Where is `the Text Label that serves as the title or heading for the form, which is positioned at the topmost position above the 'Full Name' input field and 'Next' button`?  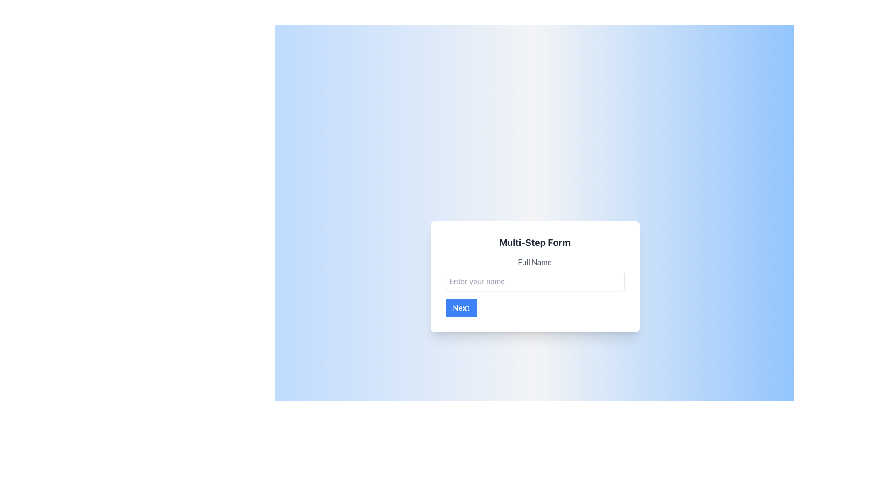
the Text Label that serves as the title or heading for the form, which is positioned at the topmost position above the 'Full Name' input field and 'Next' button is located at coordinates (535, 242).